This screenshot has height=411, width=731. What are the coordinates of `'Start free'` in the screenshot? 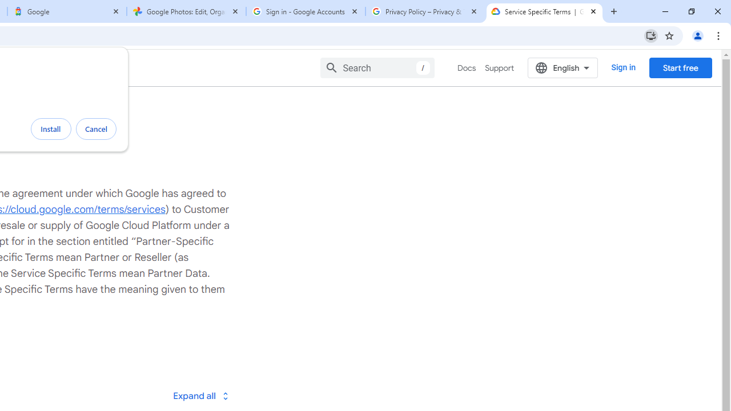 It's located at (680, 67).